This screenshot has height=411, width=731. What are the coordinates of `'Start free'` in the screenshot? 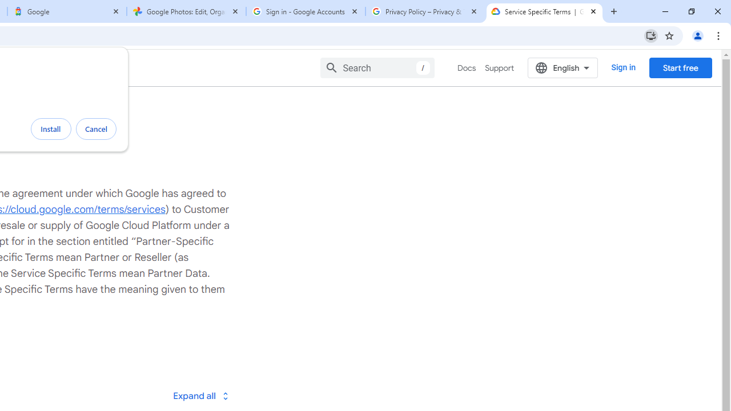 It's located at (680, 67).